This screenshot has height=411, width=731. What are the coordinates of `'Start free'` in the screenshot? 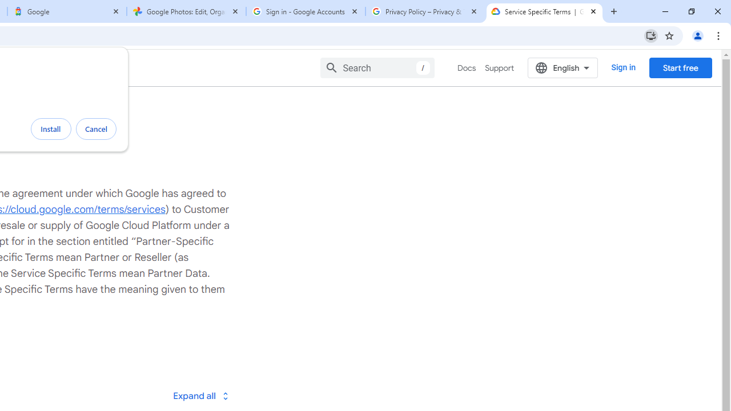 It's located at (680, 67).